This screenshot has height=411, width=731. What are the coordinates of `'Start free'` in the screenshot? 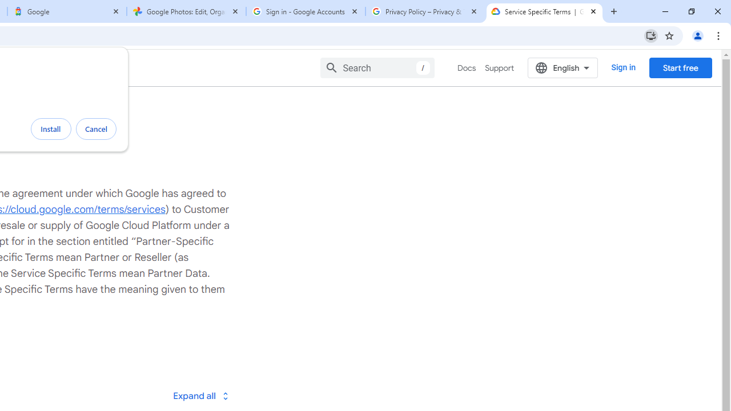 It's located at (680, 67).